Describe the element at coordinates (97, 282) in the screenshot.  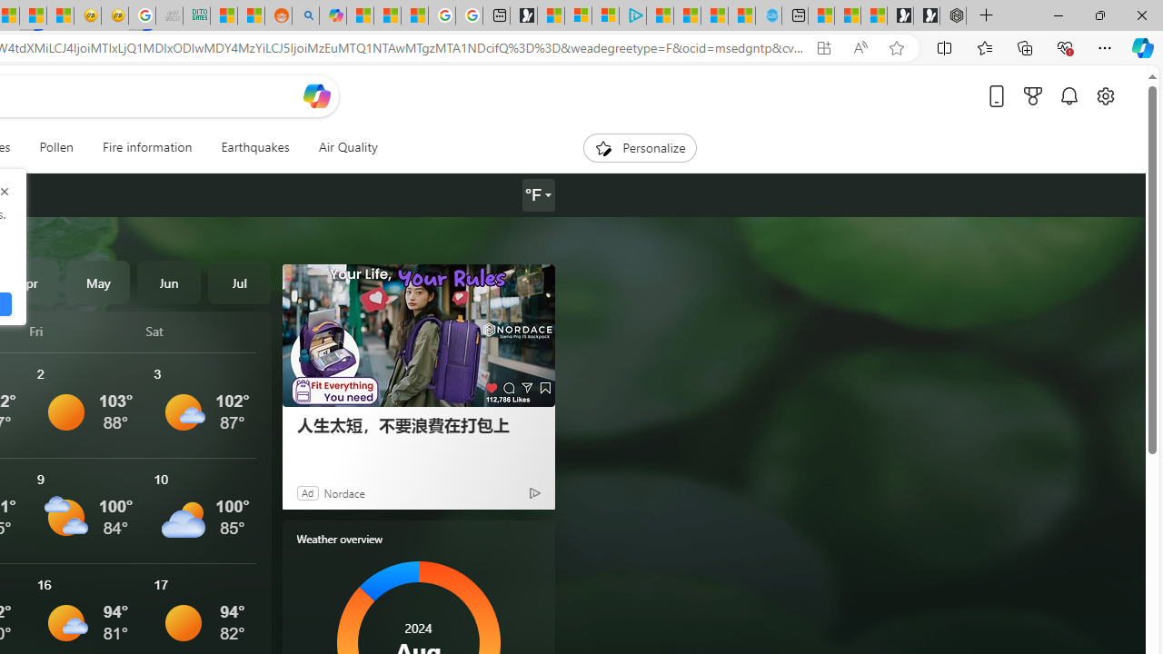
I see `'May'` at that location.